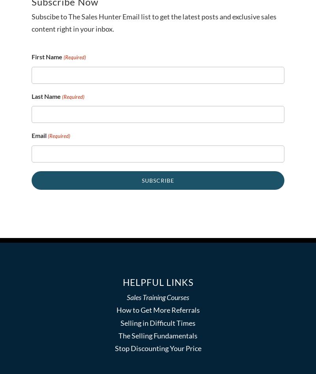 Image resolution: width=316 pixels, height=374 pixels. I want to click on 'Last Name', so click(45, 95).